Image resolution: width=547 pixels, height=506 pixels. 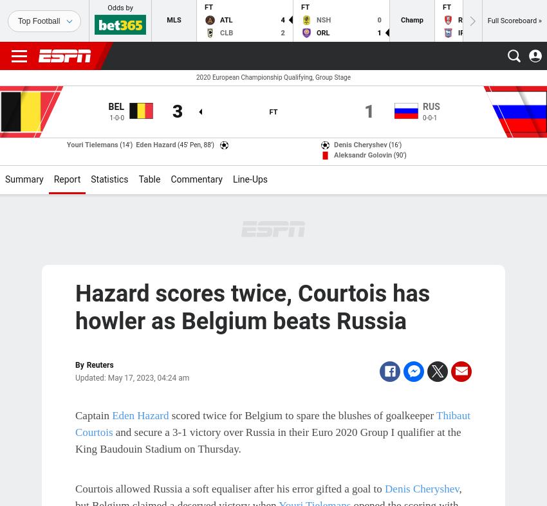 What do you see at coordinates (66, 178) in the screenshot?
I see `'Report'` at bounding box center [66, 178].